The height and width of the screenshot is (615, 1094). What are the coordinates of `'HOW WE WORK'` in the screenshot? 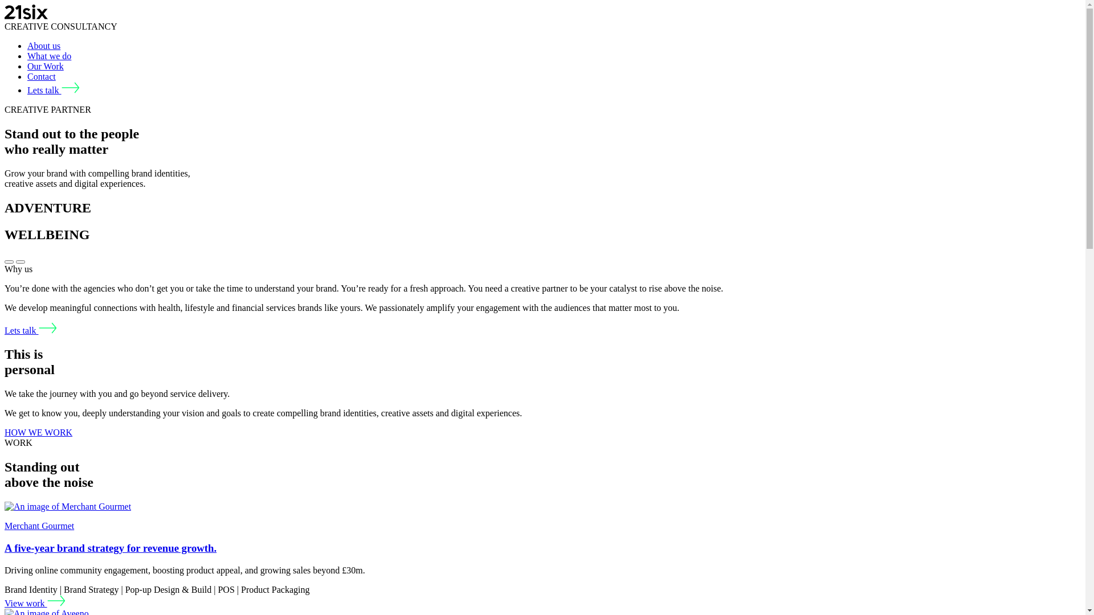 It's located at (38, 432).